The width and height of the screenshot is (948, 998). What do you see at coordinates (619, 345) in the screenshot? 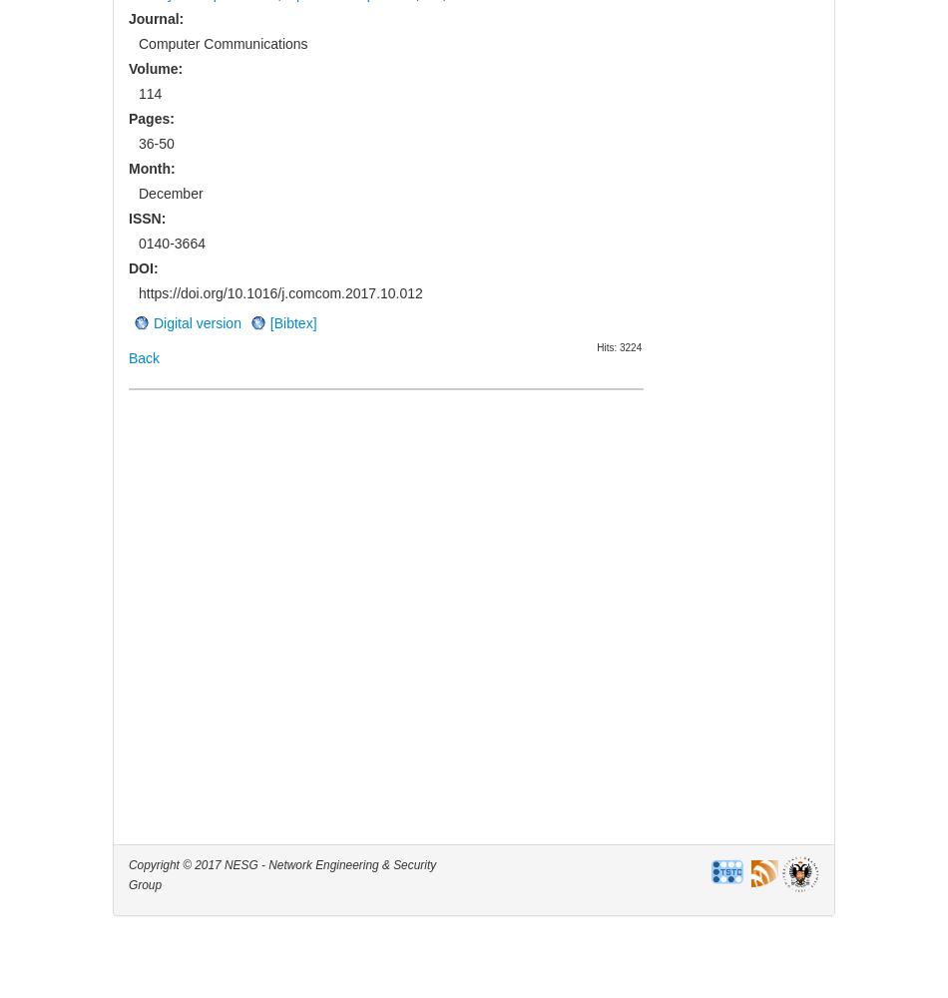
I see `'Hits: 3224'` at bounding box center [619, 345].